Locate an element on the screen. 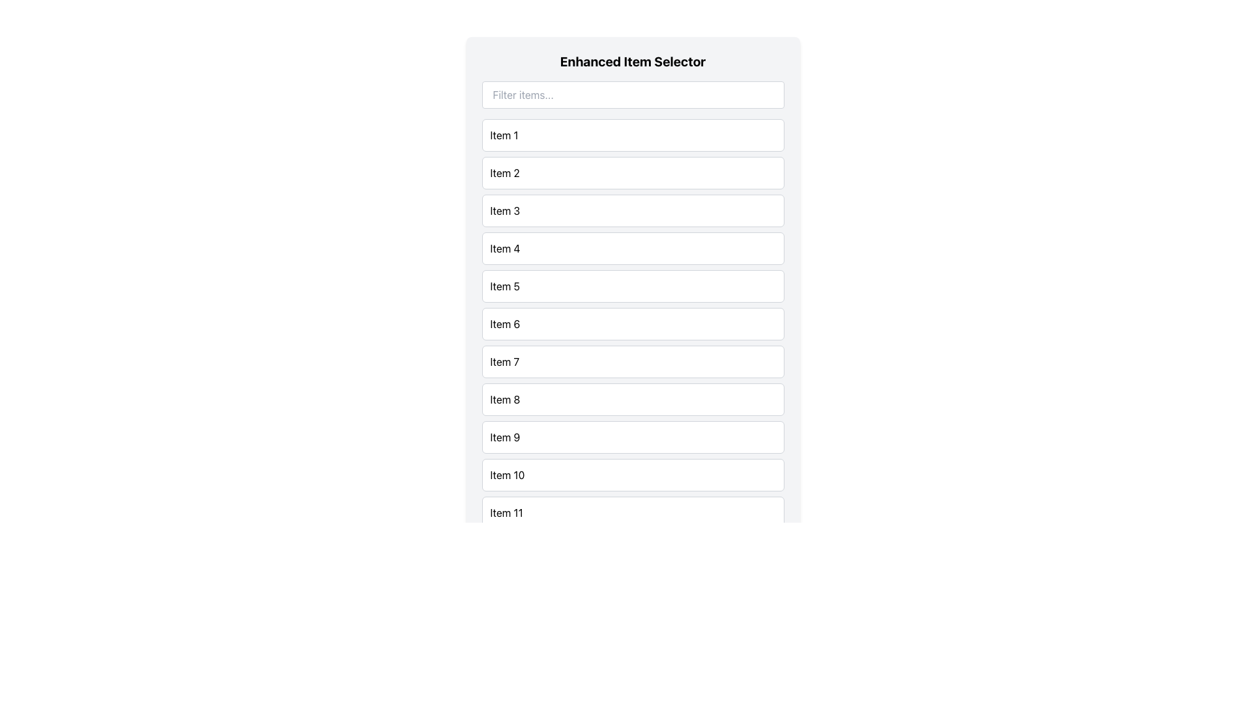 The image size is (1251, 703). the 8th item in the vertical list is located at coordinates (633, 398).